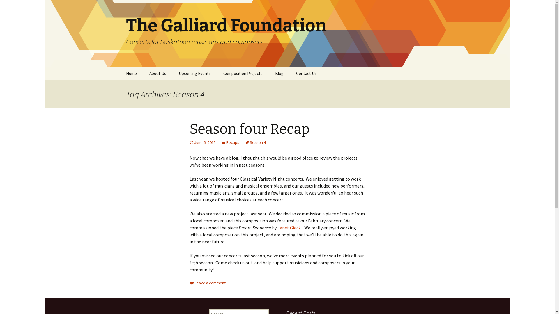  I want to click on 'Composition Projects', so click(243, 73).